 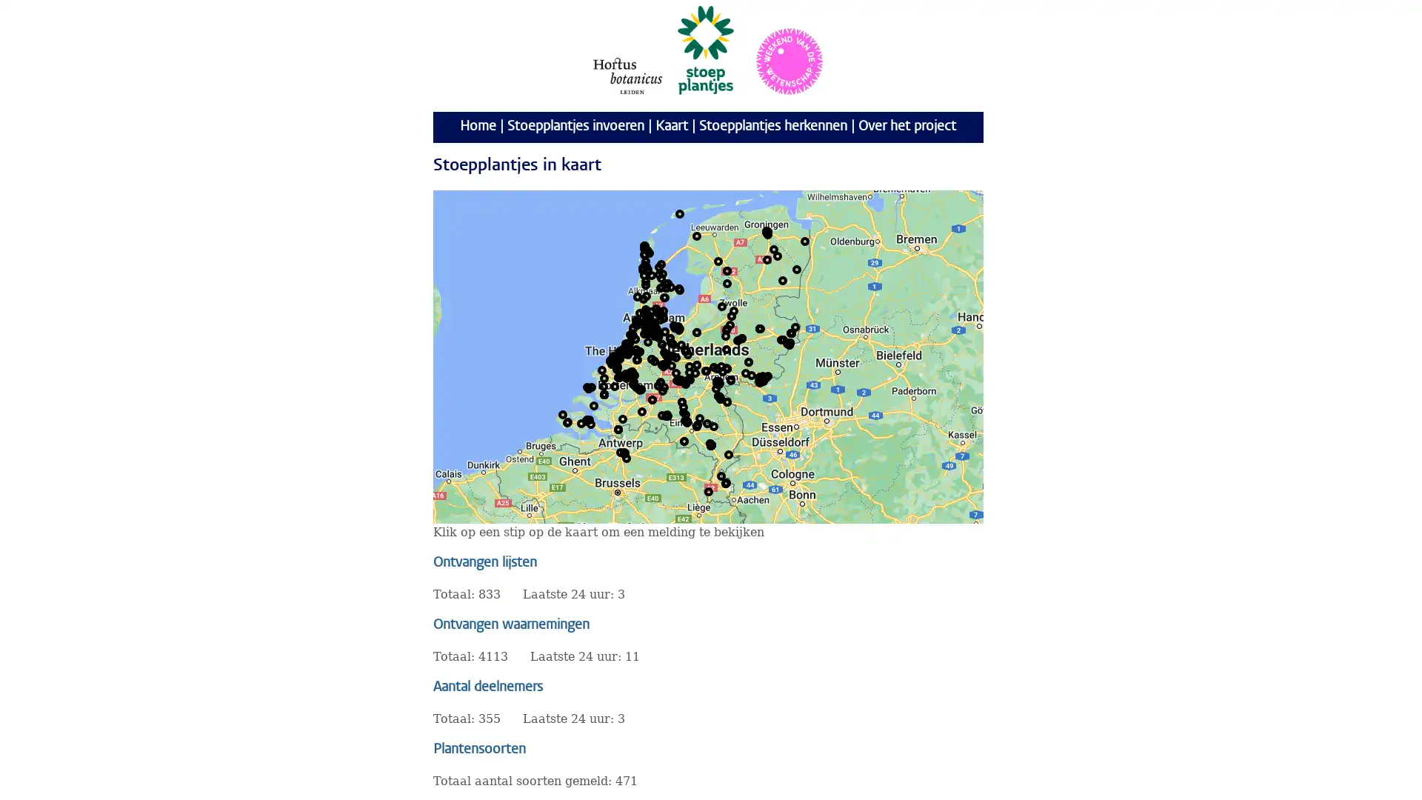 I want to click on Telling van op 07 juni 2022, so click(x=789, y=342).